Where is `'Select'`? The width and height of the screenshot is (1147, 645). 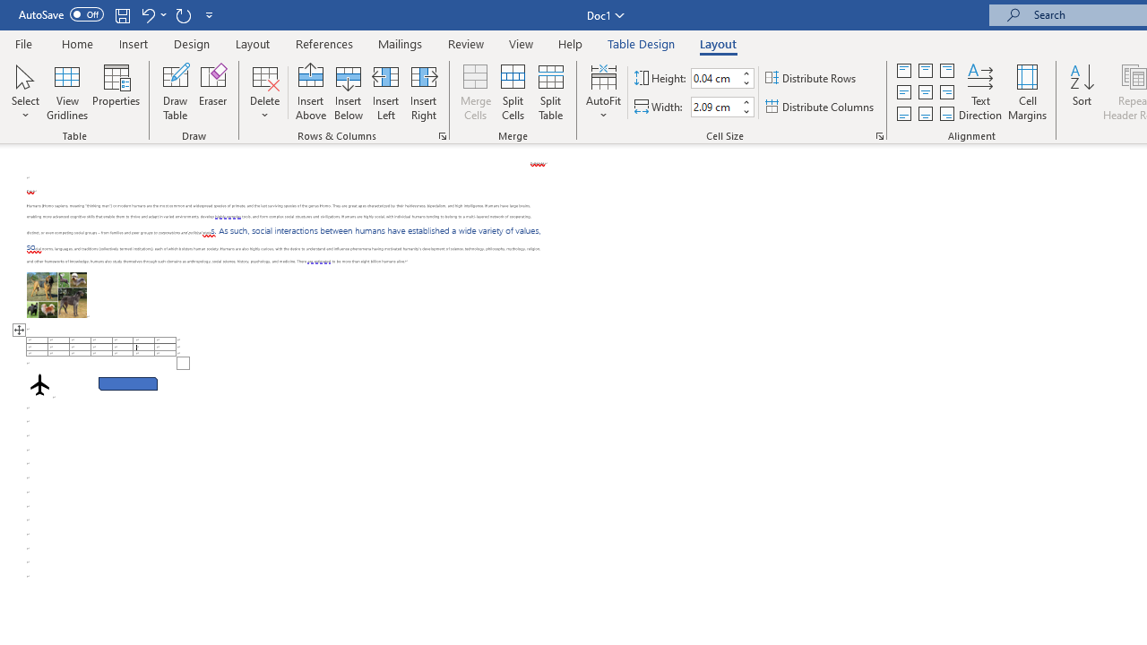 'Select' is located at coordinates (25, 92).